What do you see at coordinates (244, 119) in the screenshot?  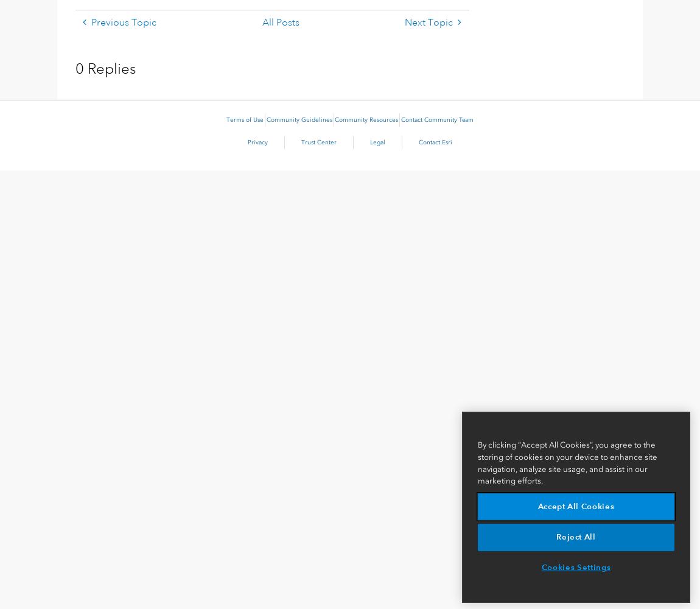 I see `'Terms of Use'` at bounding box center [244, 119].